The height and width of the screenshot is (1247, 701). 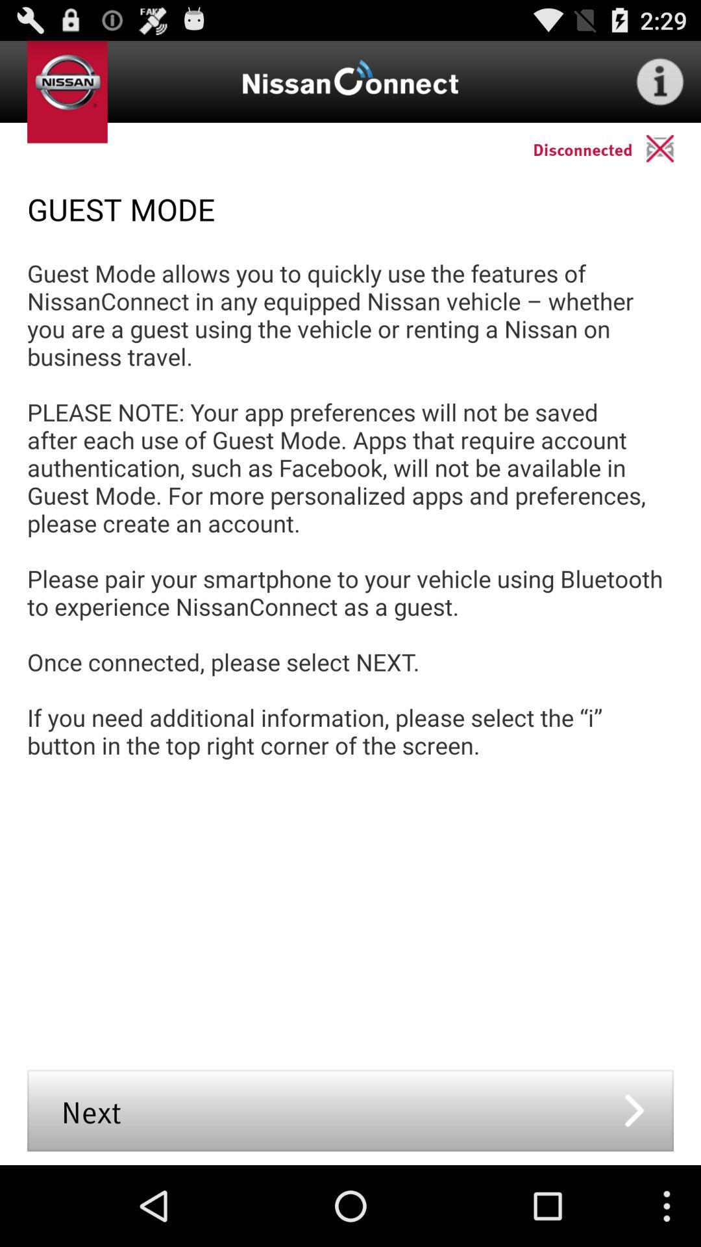 I want to click on icon next to the disconnected icon, so click(x=672, y=148).